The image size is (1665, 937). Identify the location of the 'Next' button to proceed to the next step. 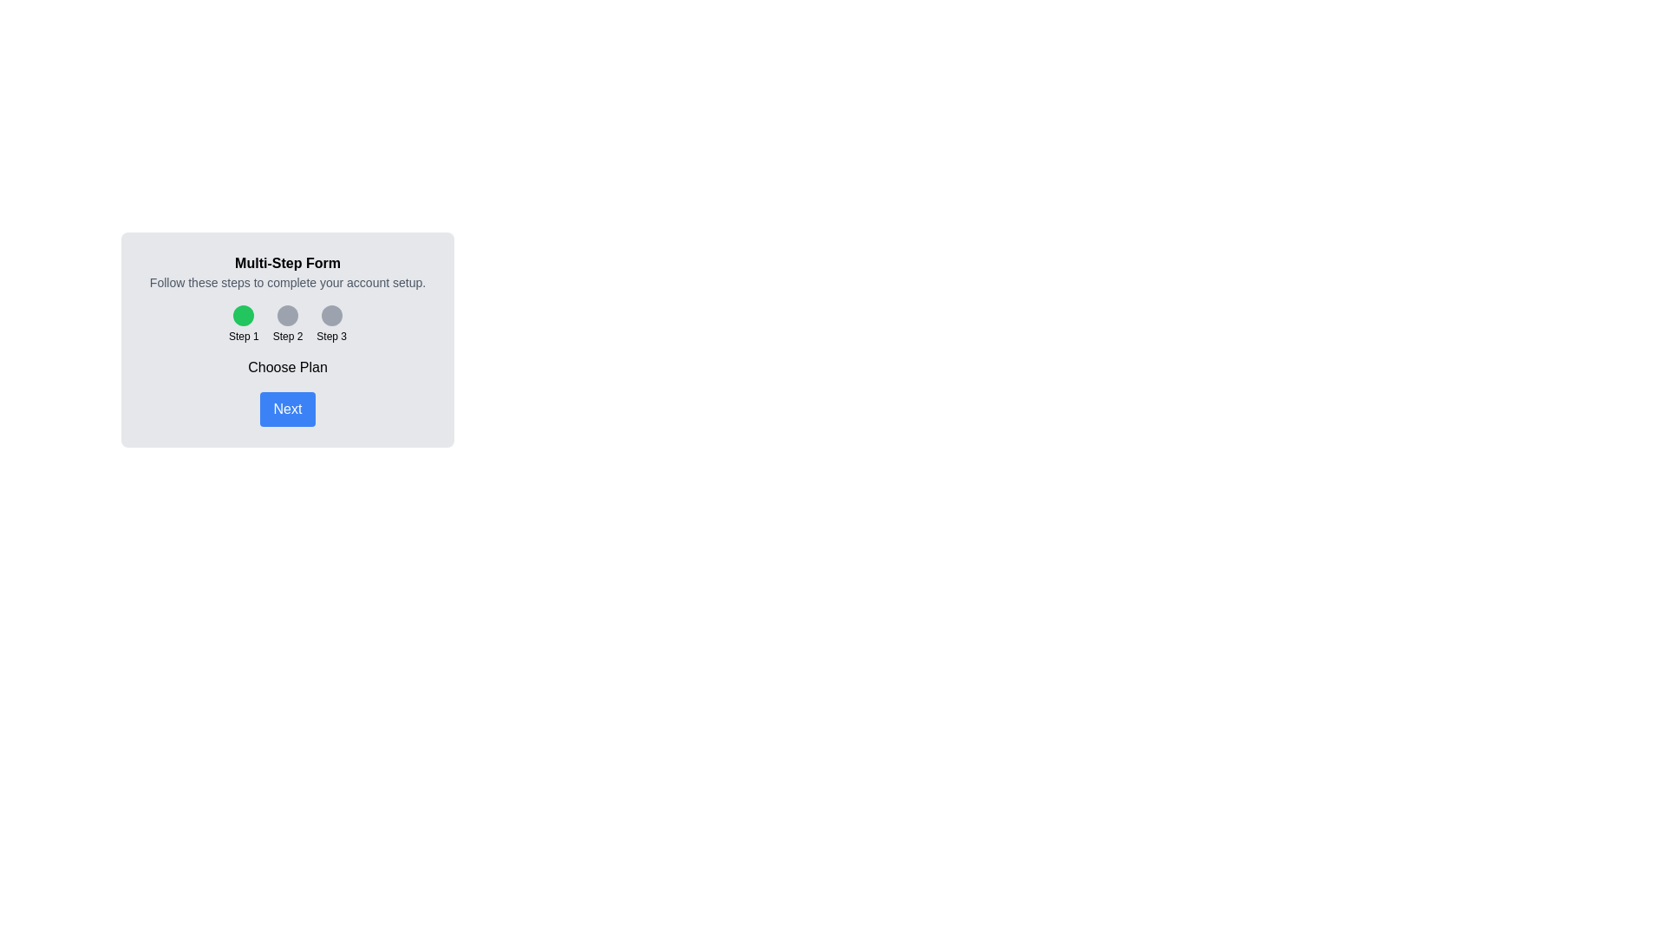
(287, 409).